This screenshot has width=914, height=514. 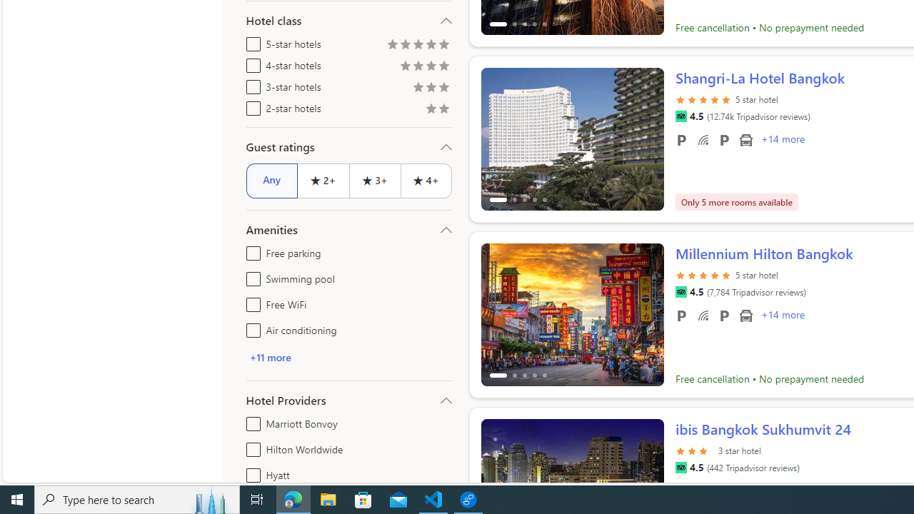 I want to click on 'Swimming pool', so click(x=251, y=276).